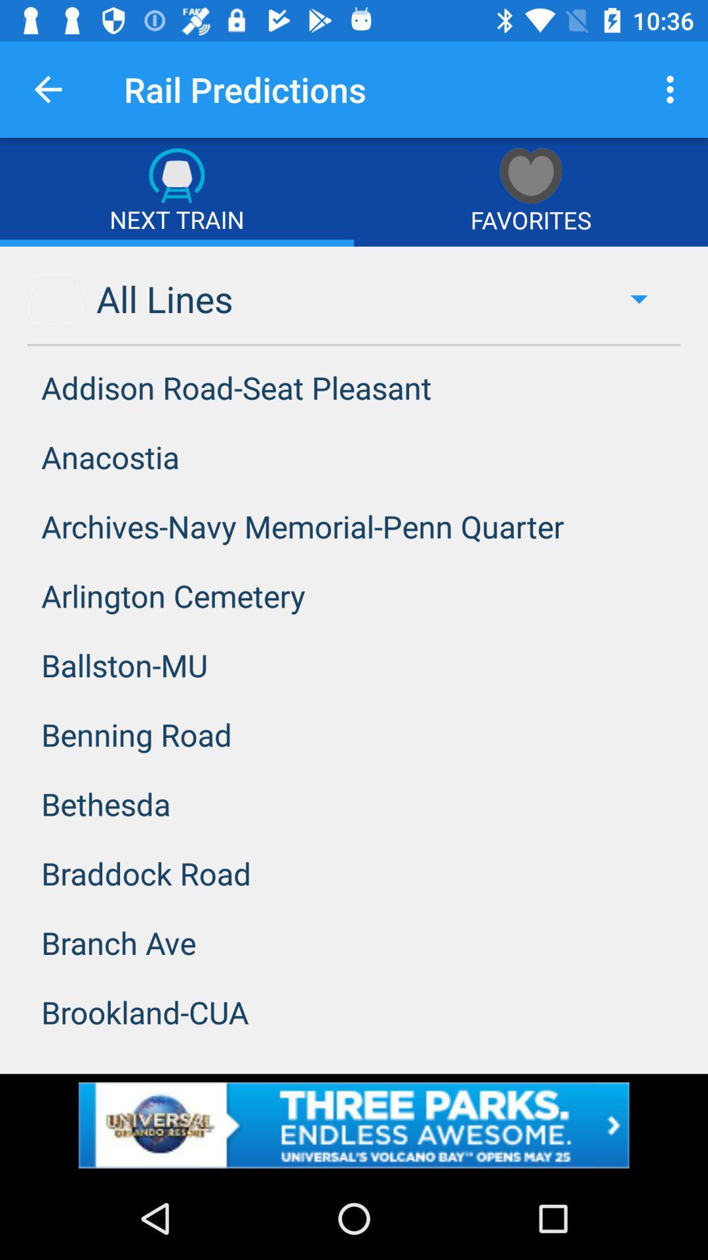 This screenshot has height=1260, width=708. Describe the element at coordinates (354, 734) in the screenshot. I see `the text which is below the ballstonmu` at that location.